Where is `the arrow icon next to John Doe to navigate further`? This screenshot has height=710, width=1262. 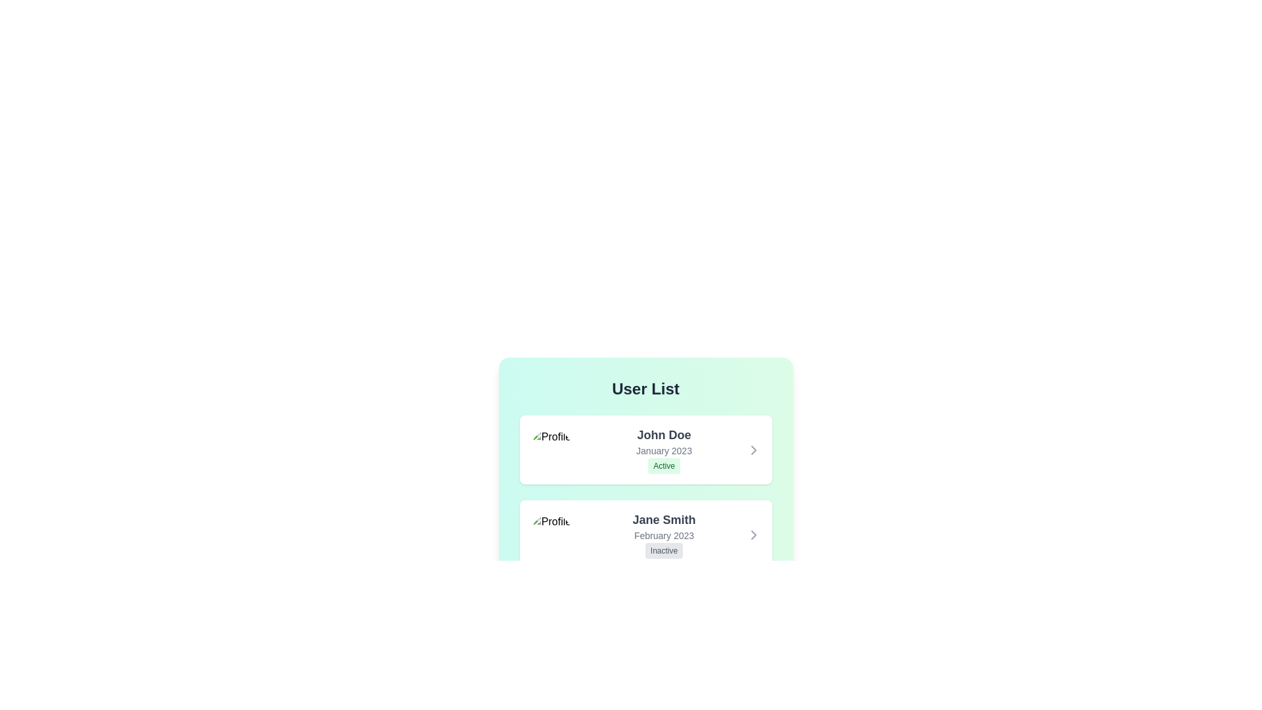
the arrow icon next to John Doe to navigate further is located at coordinates (753, 449).